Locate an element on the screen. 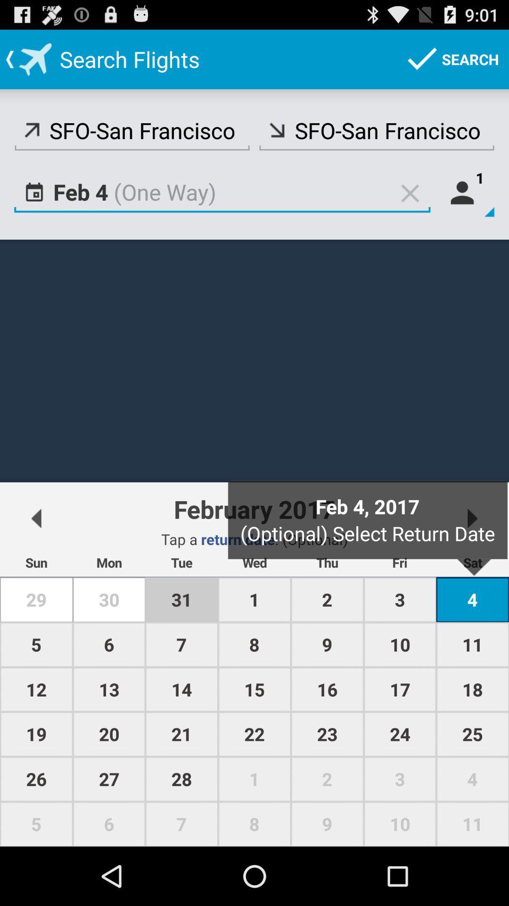 This screenshot has width=509, height=906. the avatar icon is located at coordinates (467, 205).